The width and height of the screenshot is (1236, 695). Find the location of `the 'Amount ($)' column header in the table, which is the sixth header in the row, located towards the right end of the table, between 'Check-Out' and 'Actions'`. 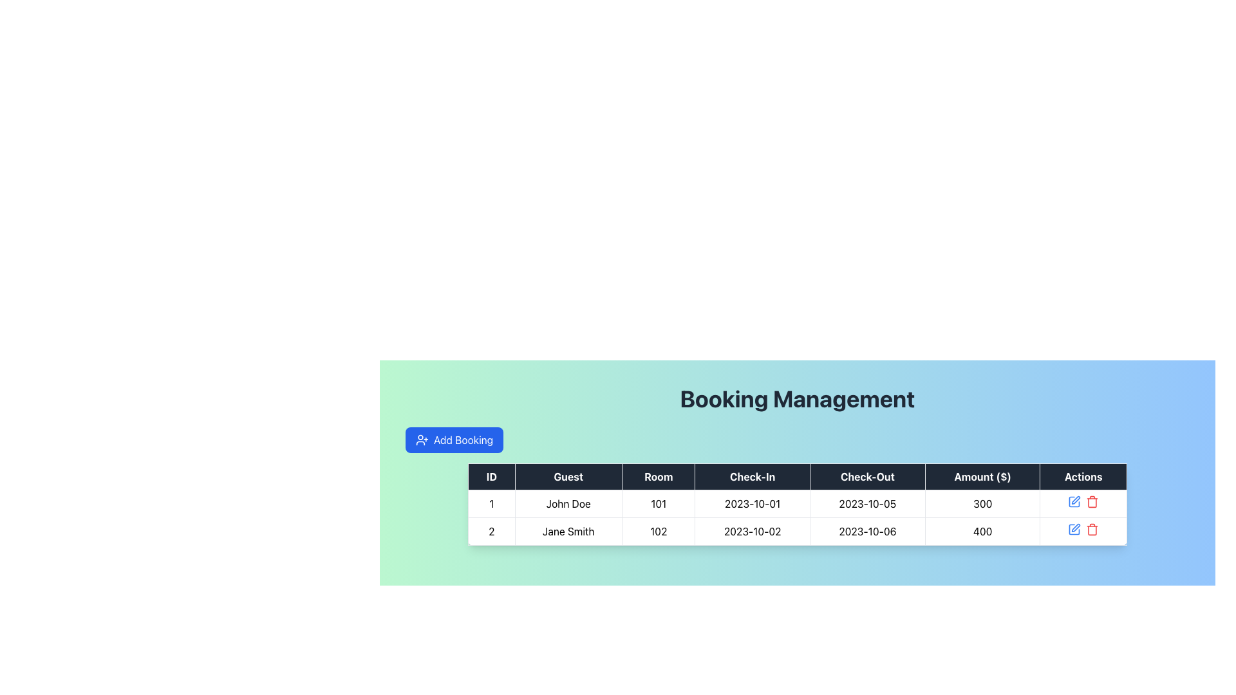

the 'Amount ($)' column header in the table, which is the sixth header in the row, located towards the right end of the table, between 'Check-Out' and 'Actions' is located at coordinates (982, 476).